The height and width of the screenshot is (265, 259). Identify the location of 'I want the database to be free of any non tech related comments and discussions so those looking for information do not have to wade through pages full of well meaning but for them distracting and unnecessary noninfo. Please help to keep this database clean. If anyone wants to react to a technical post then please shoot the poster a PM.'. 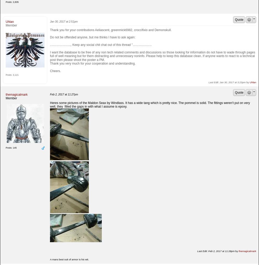
(152, 56).